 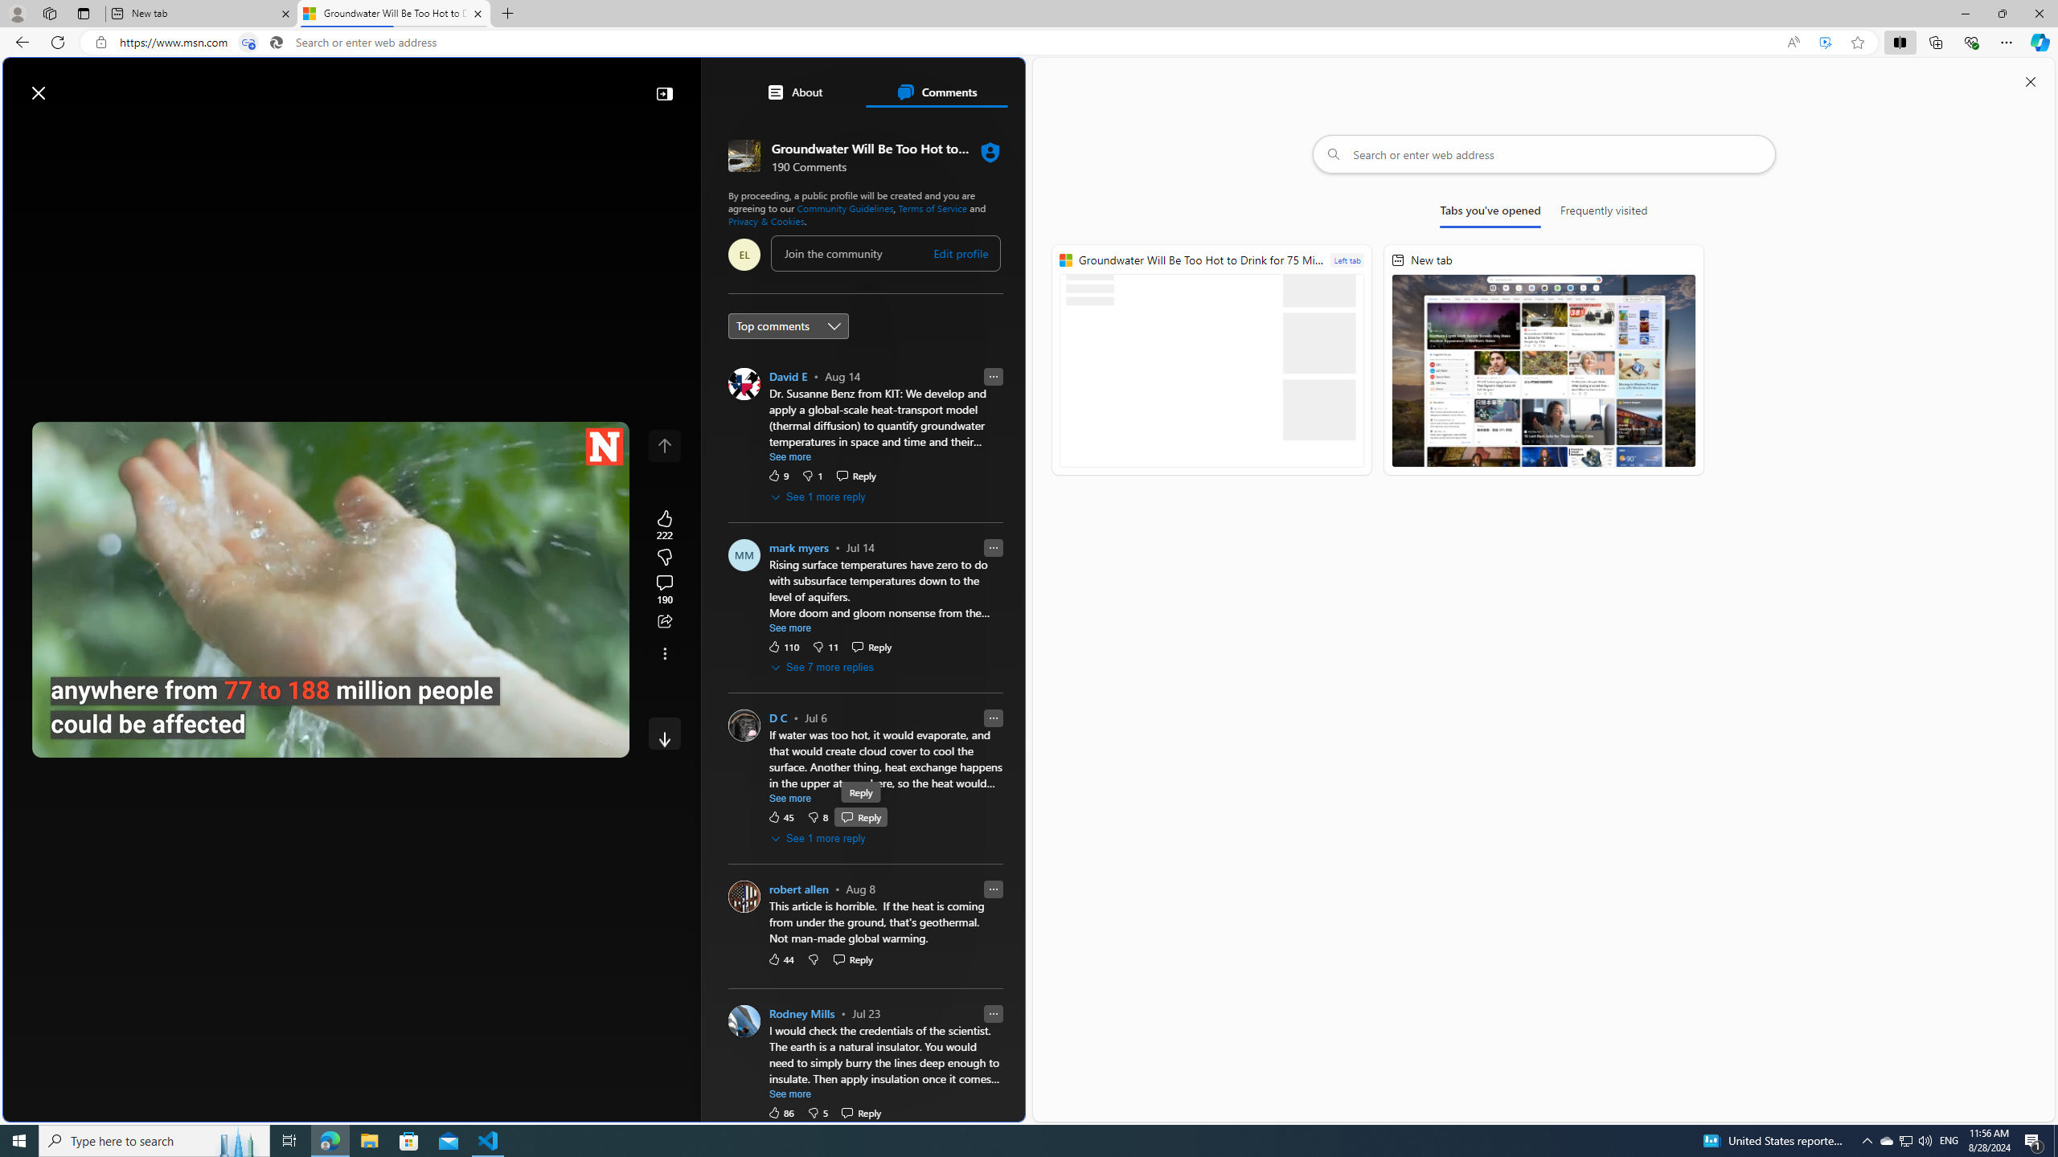 I want to click on '222 Like', so click(x=664, y=524).